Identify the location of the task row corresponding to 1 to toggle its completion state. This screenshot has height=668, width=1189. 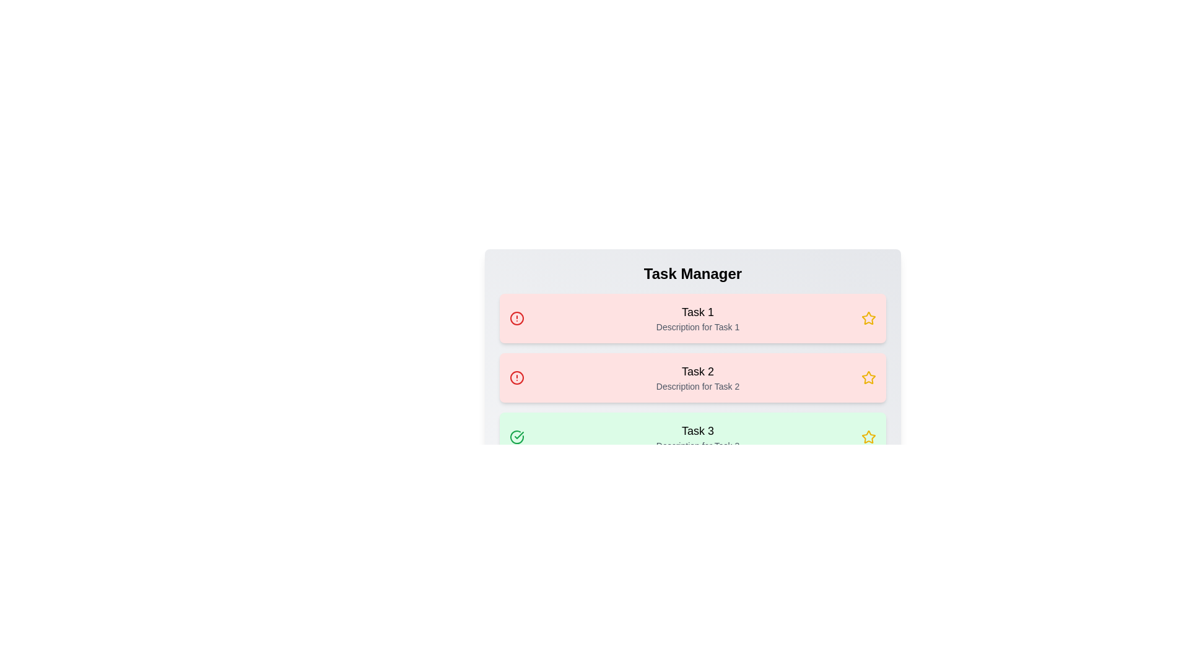
(692, 318).